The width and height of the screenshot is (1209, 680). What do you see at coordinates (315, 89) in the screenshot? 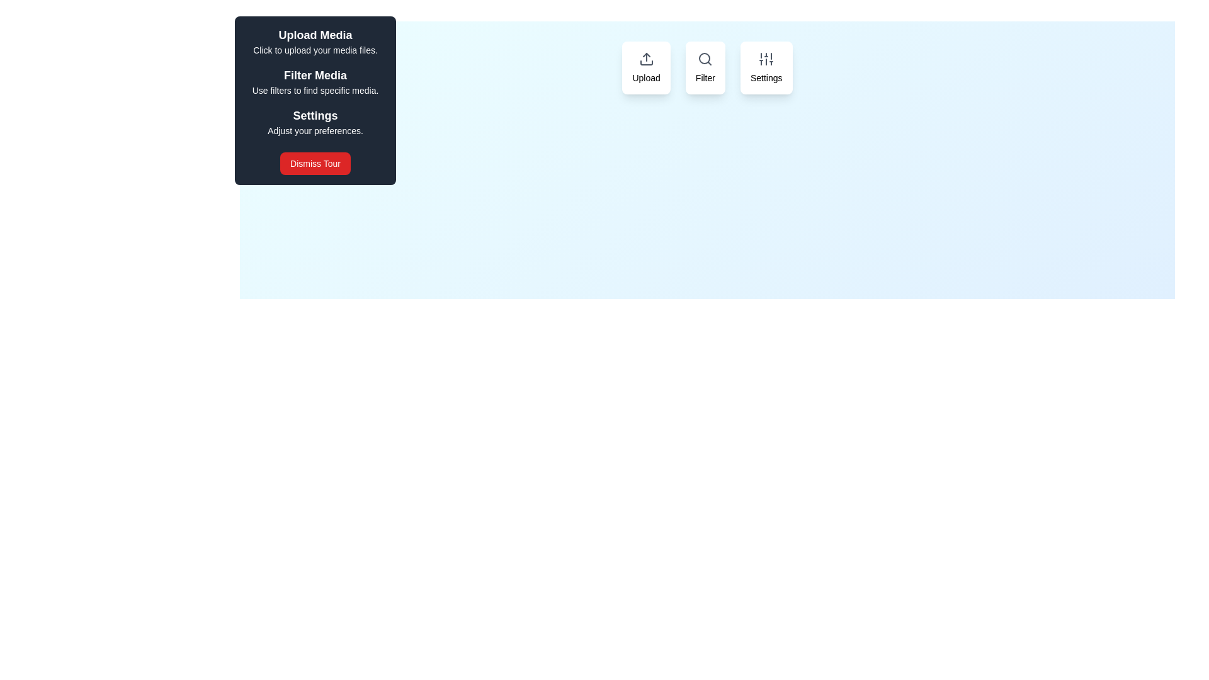
I see `the informational text that reads 'Use filters to find specific media.' positioned below the title 'Filter Media' and above the 'Settings' section` at bounding box center [315, 89].